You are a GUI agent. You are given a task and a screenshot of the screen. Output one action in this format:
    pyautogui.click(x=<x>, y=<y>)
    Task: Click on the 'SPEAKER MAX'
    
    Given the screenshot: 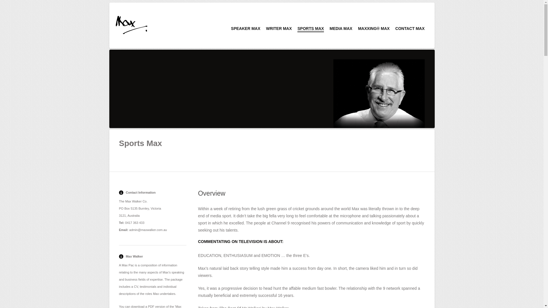 What is the action you would take?
    pyautogui.click(x=245, y=29)
    